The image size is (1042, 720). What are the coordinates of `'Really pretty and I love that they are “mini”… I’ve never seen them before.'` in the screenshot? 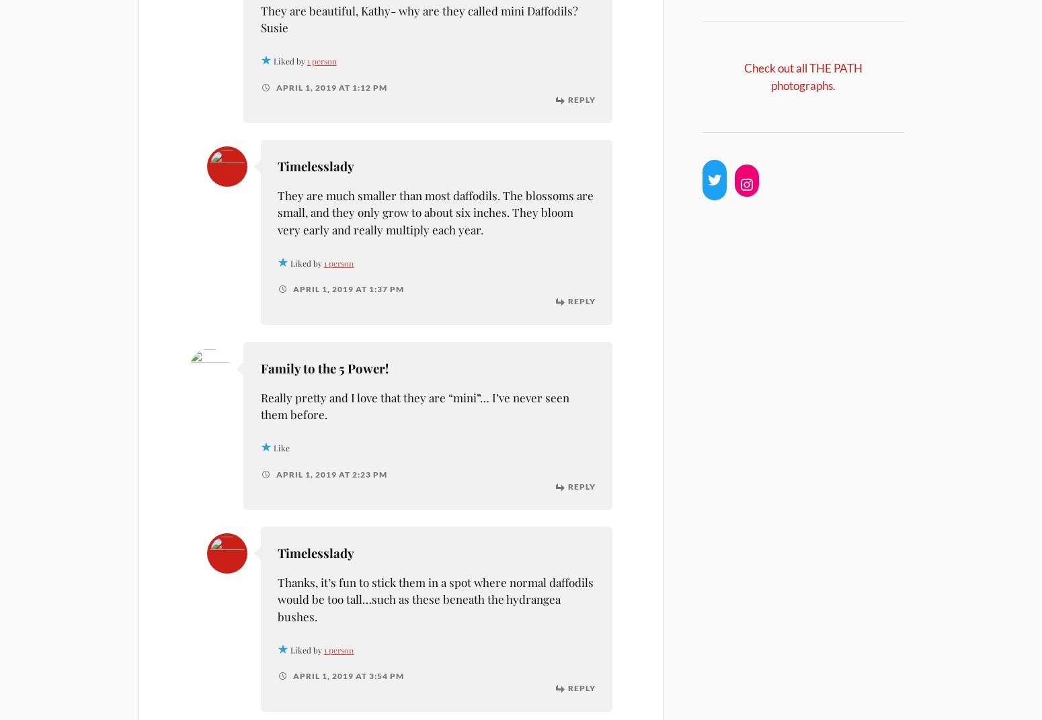 It's located at (414, 404).